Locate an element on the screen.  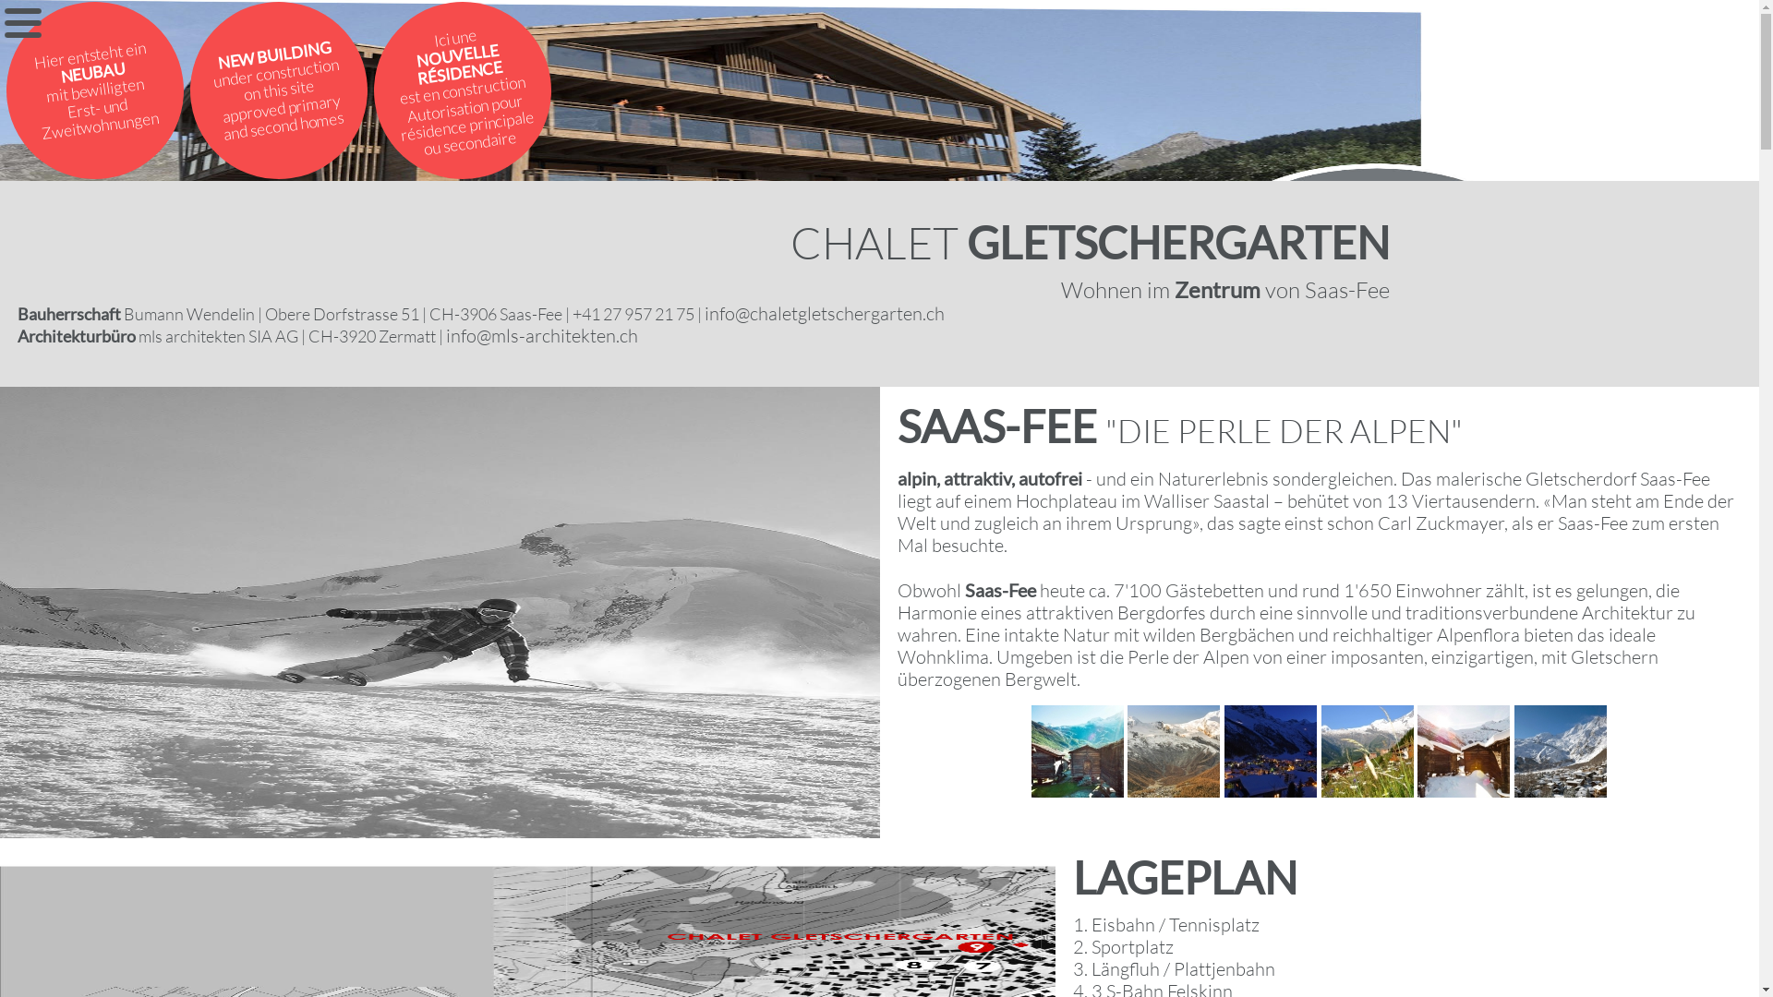
'You are viewing the image with filename 1.jpg' is located at coordinates (1077, 751).